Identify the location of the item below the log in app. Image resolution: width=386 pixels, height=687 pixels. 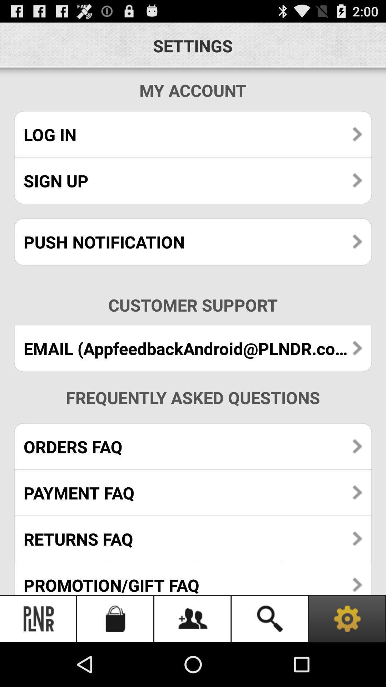
(193, 181).